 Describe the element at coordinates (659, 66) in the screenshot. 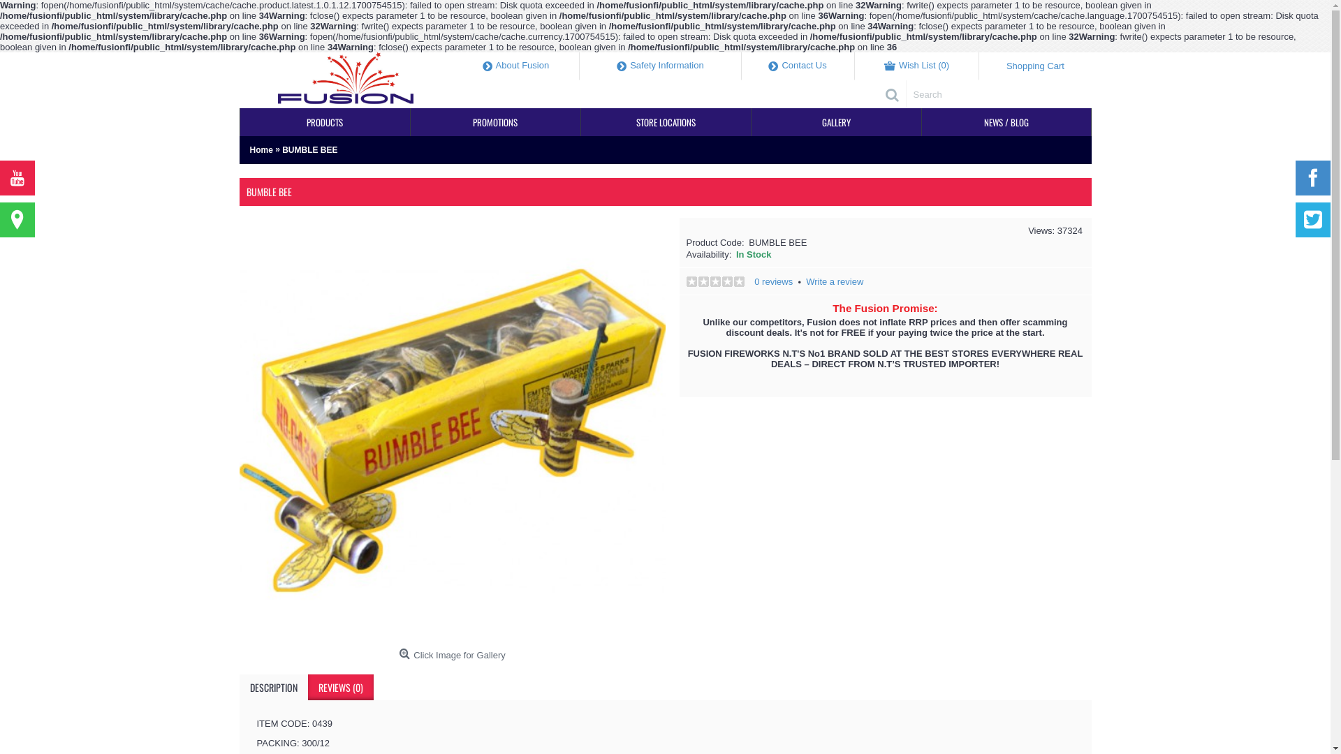

I see `'Safety Information'` at that location.